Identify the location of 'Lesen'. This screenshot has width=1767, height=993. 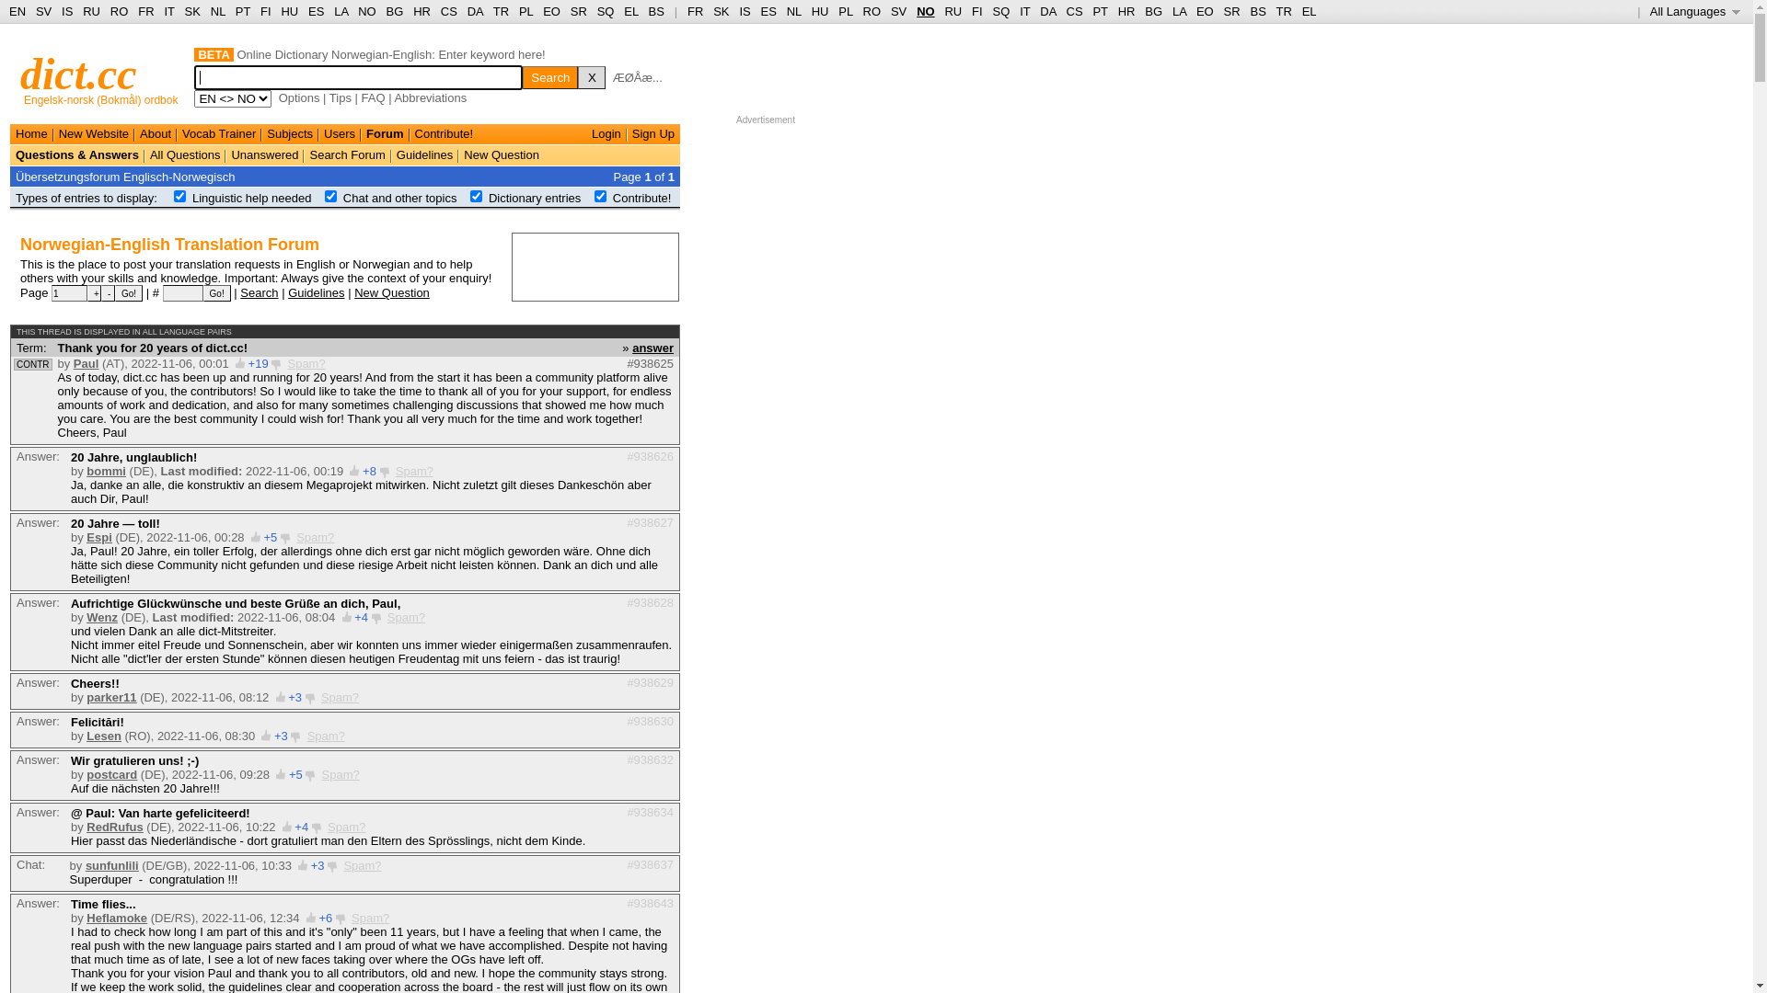
(86, 735).